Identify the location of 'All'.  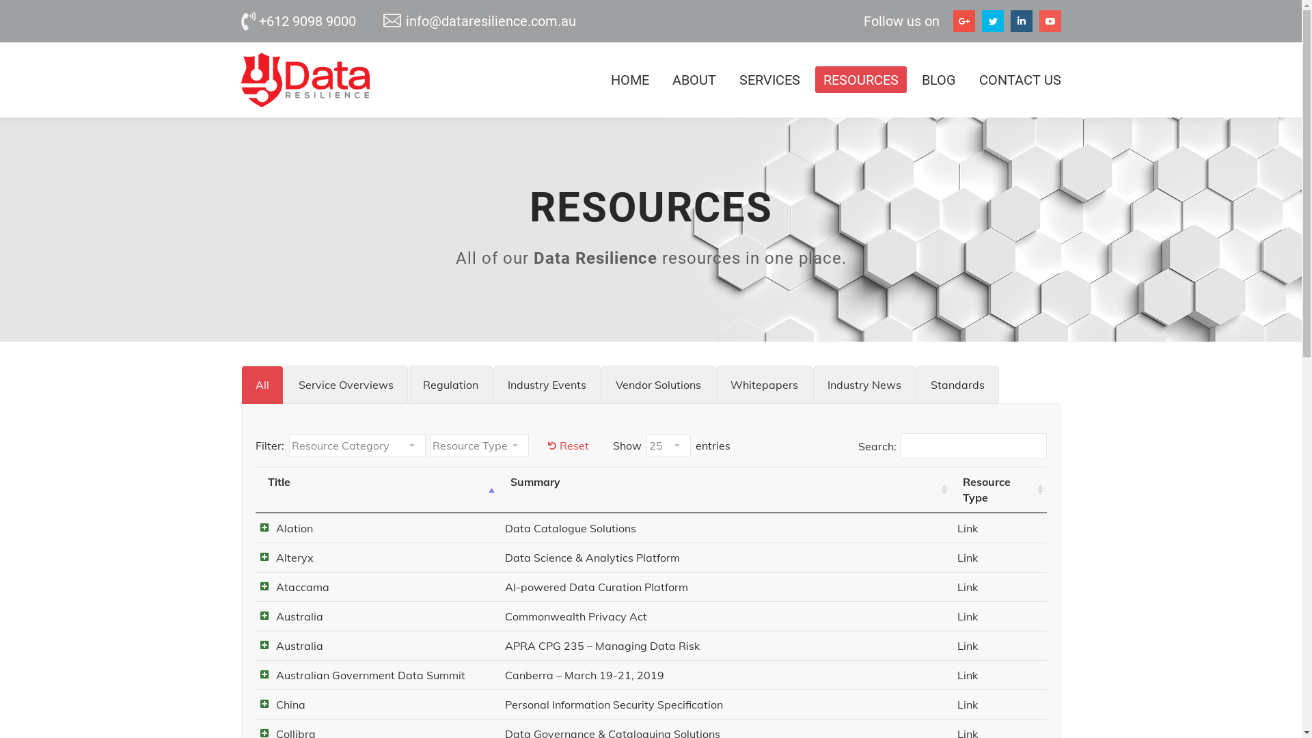
(262, 385).